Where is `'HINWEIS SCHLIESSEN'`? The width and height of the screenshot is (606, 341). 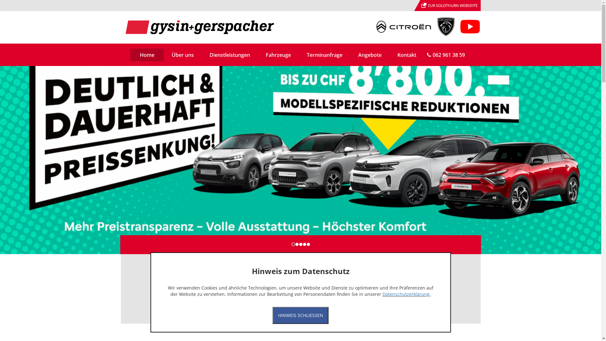
'HINWEIS SCHLIESSEN' is located at coordinates (300, 315).